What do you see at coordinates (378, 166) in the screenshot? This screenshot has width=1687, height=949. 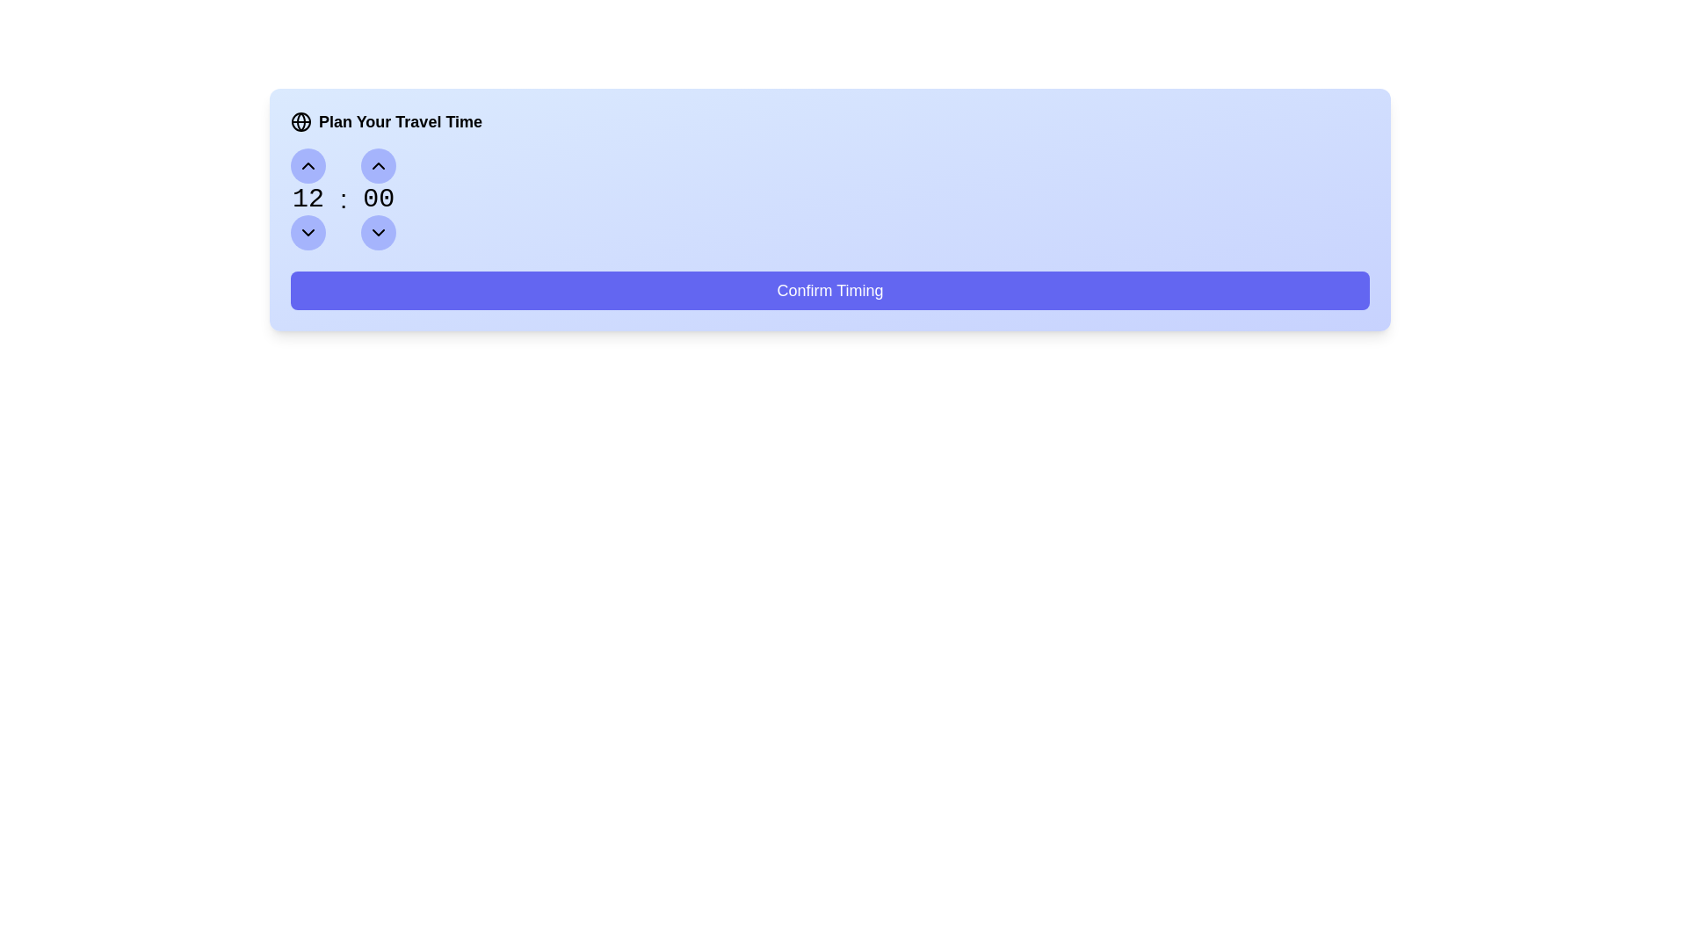 I see `the circular button with a purple background and an upward-pointing black triangle at its center, located in the top row of the time control section, above the 'minutes' display` at bounding box center [378, 166].